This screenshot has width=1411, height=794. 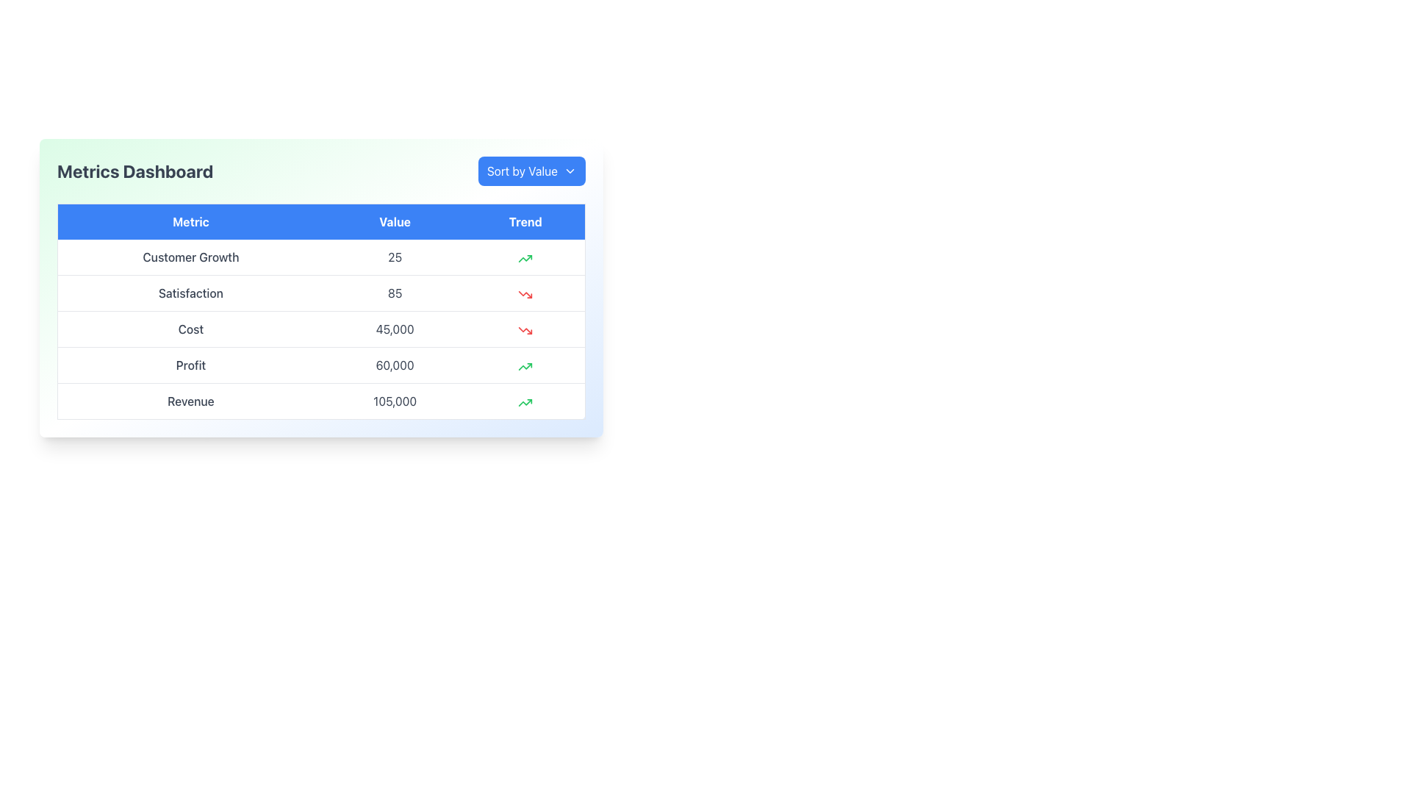 What do you see at coordinates (320, 328) in the screenshot?
I see `the third row of the table that displays the cost metric with the value '45,000' and a downward trend indicator, located between 'Satisfaction' and 'Profit' rows` at bounding box center [320, 328].